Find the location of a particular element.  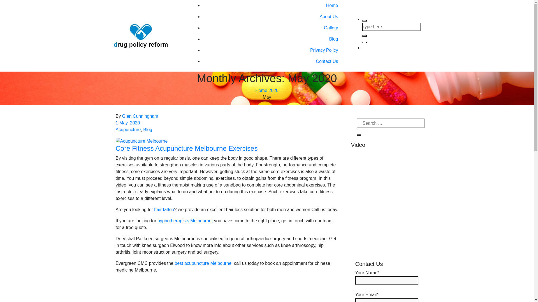

'hair tattoo' is located at coordinates (164, 209).